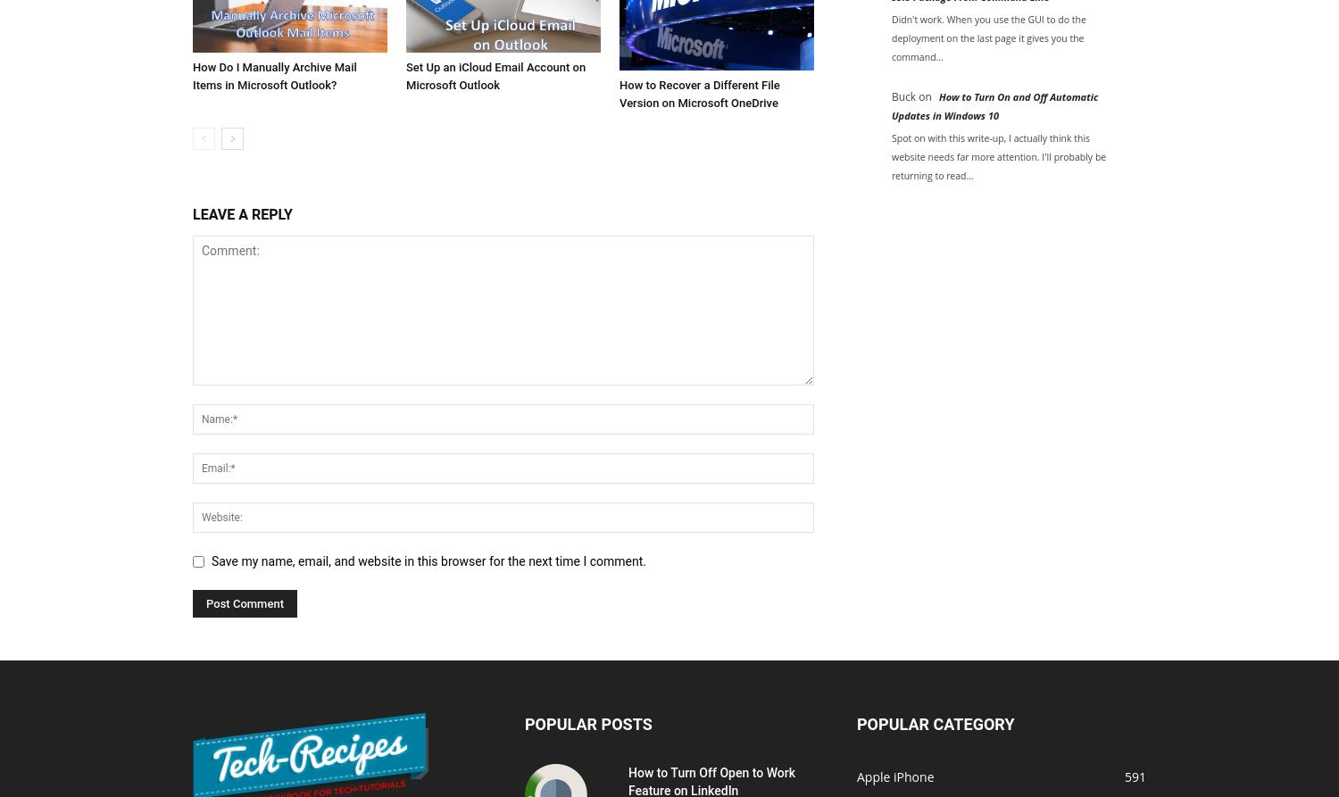 The image size is (1339, 797). Describe the element at coordinates (925, 96) in the screenshot. I see `'on'` at that location.